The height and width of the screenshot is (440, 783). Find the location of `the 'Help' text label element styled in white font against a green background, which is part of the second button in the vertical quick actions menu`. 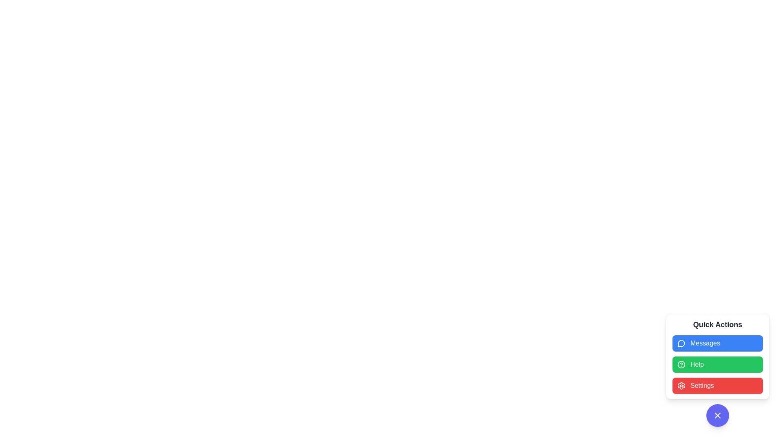

the 'Help' text label element styled in white font against a green background, which is part of the second button in the vertical quick actions menu is located at coordinates (697, 364).